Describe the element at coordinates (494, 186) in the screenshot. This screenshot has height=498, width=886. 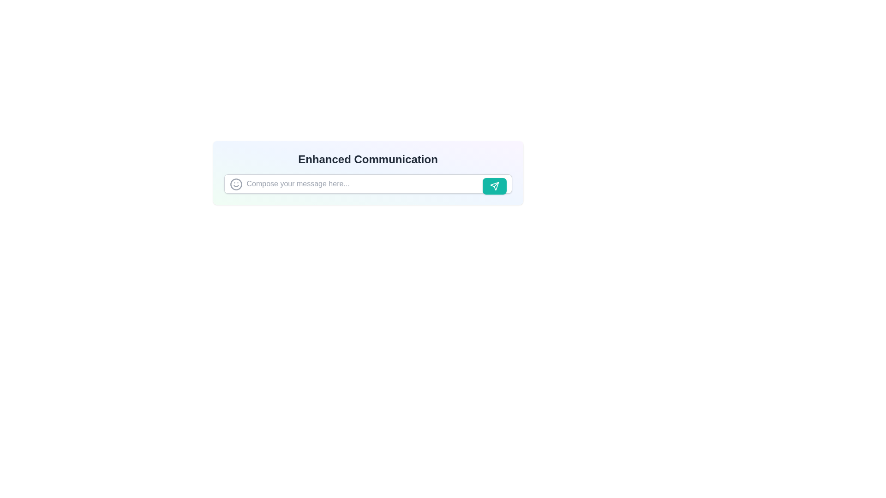
I see `the submit button represented by an SVG icon located at the far right of the text input field` at that location.